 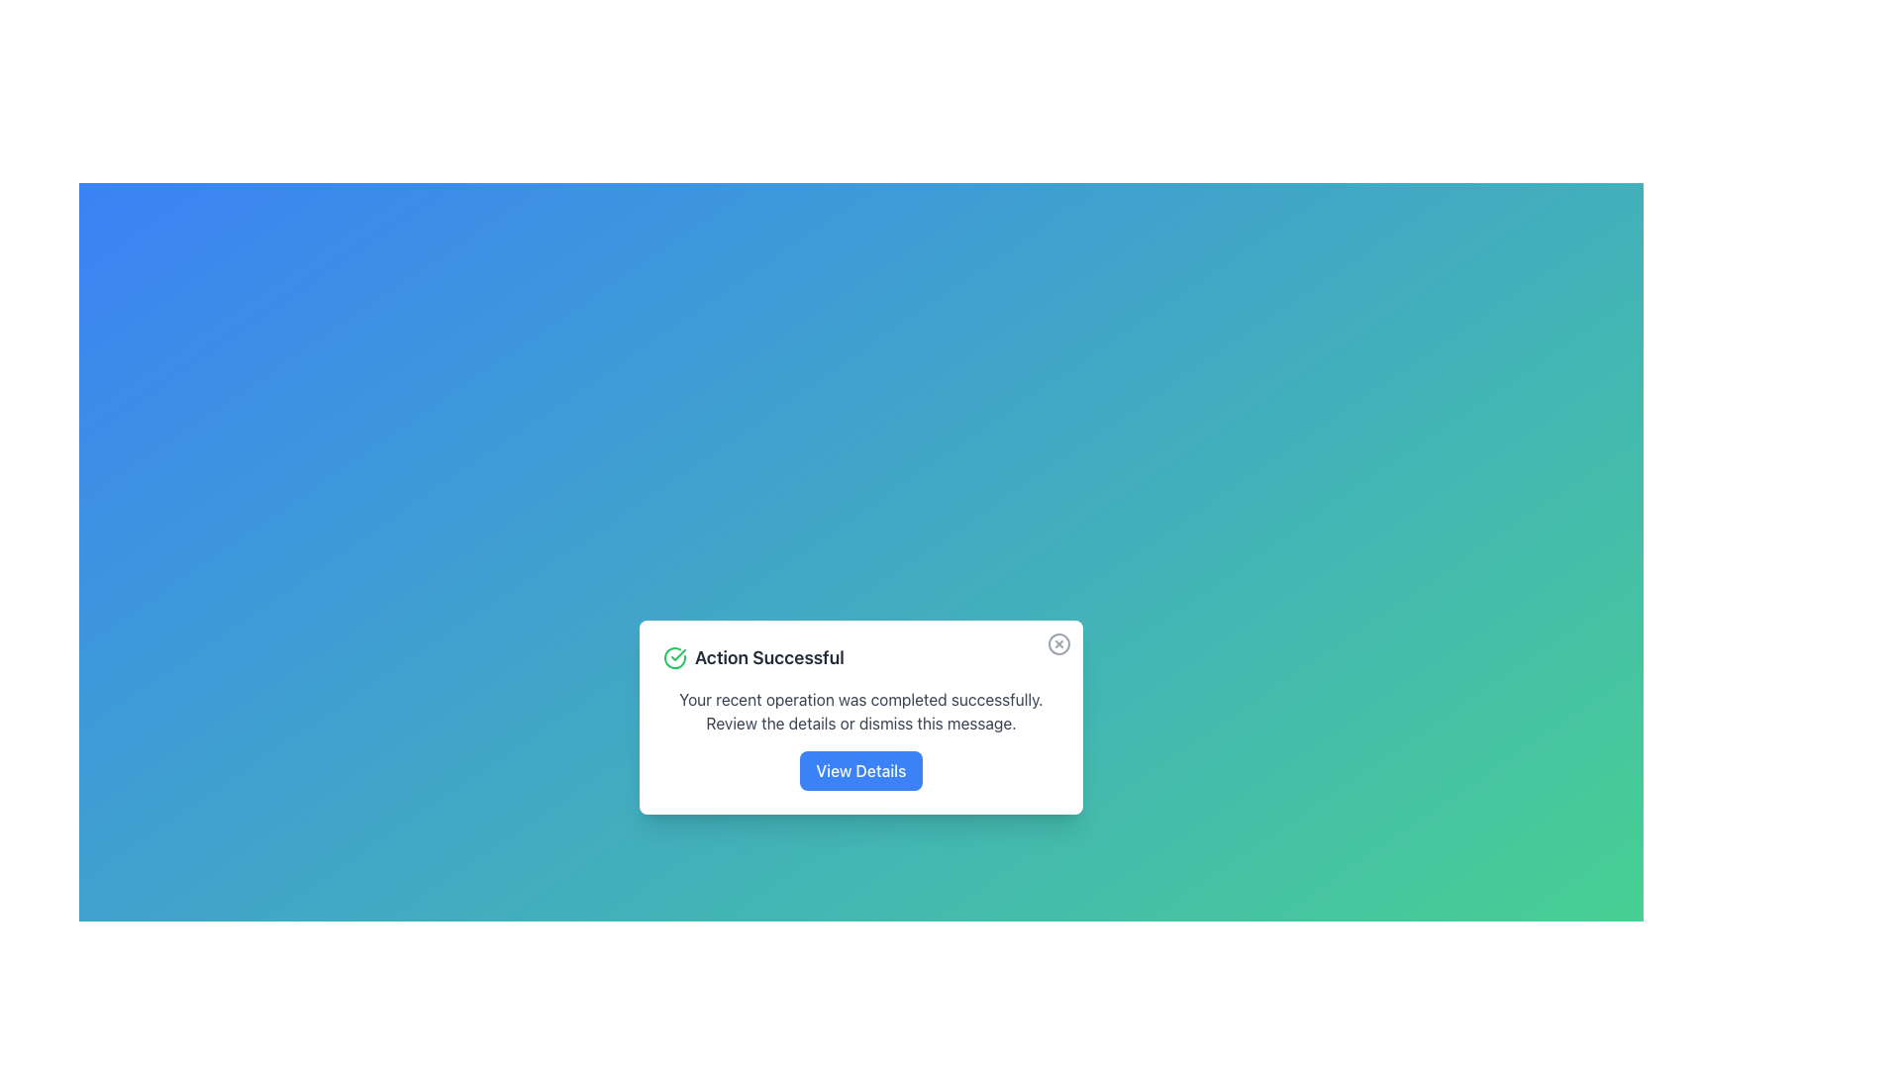 What do you see at coordinates (674, 657) in the screenshot?
I see `the green outlined circle icon with a check mark inside, which symbolizes a success or completed action, located to the left of the text 'Action Successful'` at bounding box center [674, 657].